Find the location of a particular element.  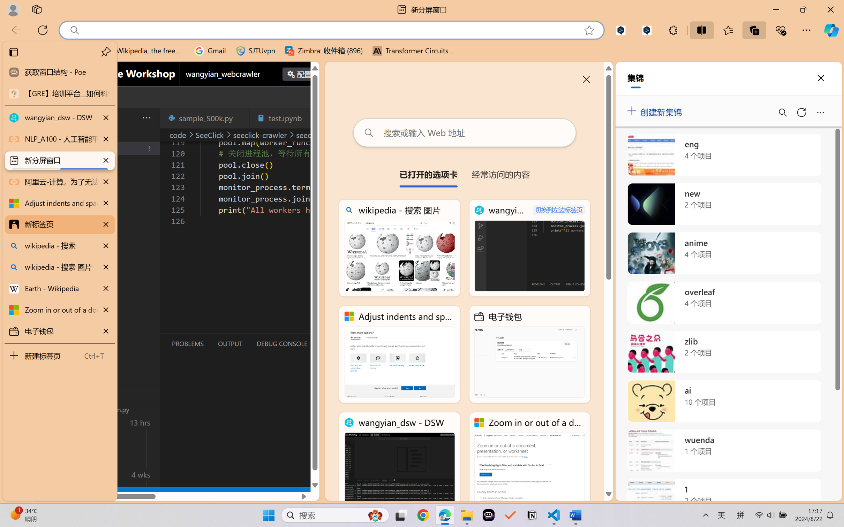

'SJTUvpn' is located at coordinates (255, 51).